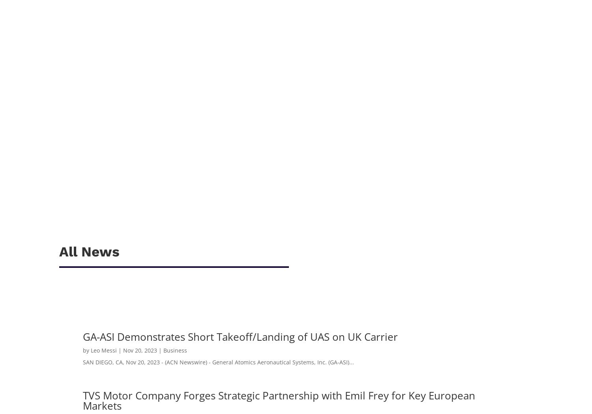  Describe the element at coordinates (230, 152) in the screenshot. I see `'Card91, a payment infrastructure platform, has appointed Srijit Sanyal as Vice President, Sales & Partnership.  A veteran in the Fintech industry, Srijit has nearly 2 decades of rich sales experience with banks, fintechs and pharmaceuticals and has held senior...'` at that location.